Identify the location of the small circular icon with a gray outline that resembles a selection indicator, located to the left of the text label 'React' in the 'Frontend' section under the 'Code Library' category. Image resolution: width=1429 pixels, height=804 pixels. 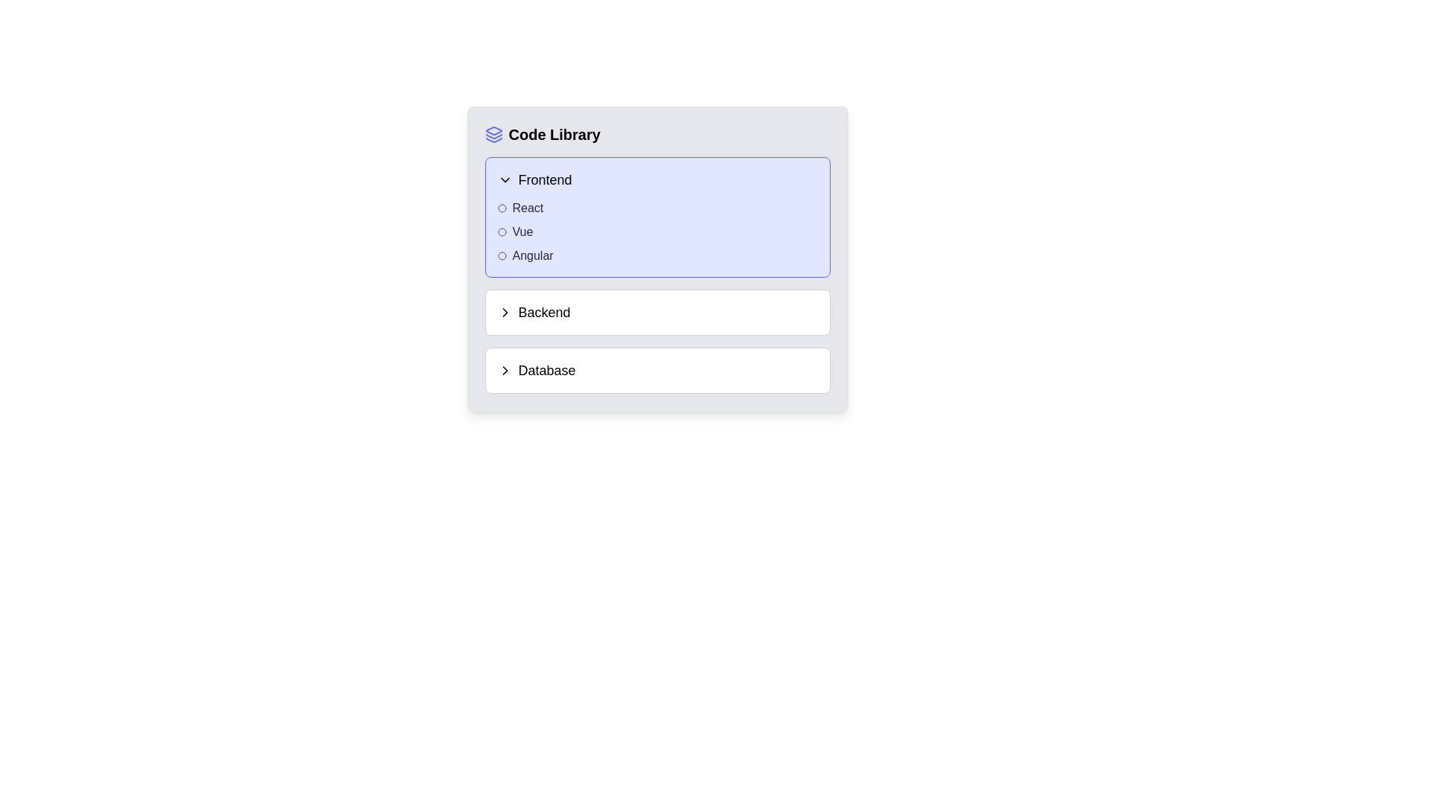
(502, 208).